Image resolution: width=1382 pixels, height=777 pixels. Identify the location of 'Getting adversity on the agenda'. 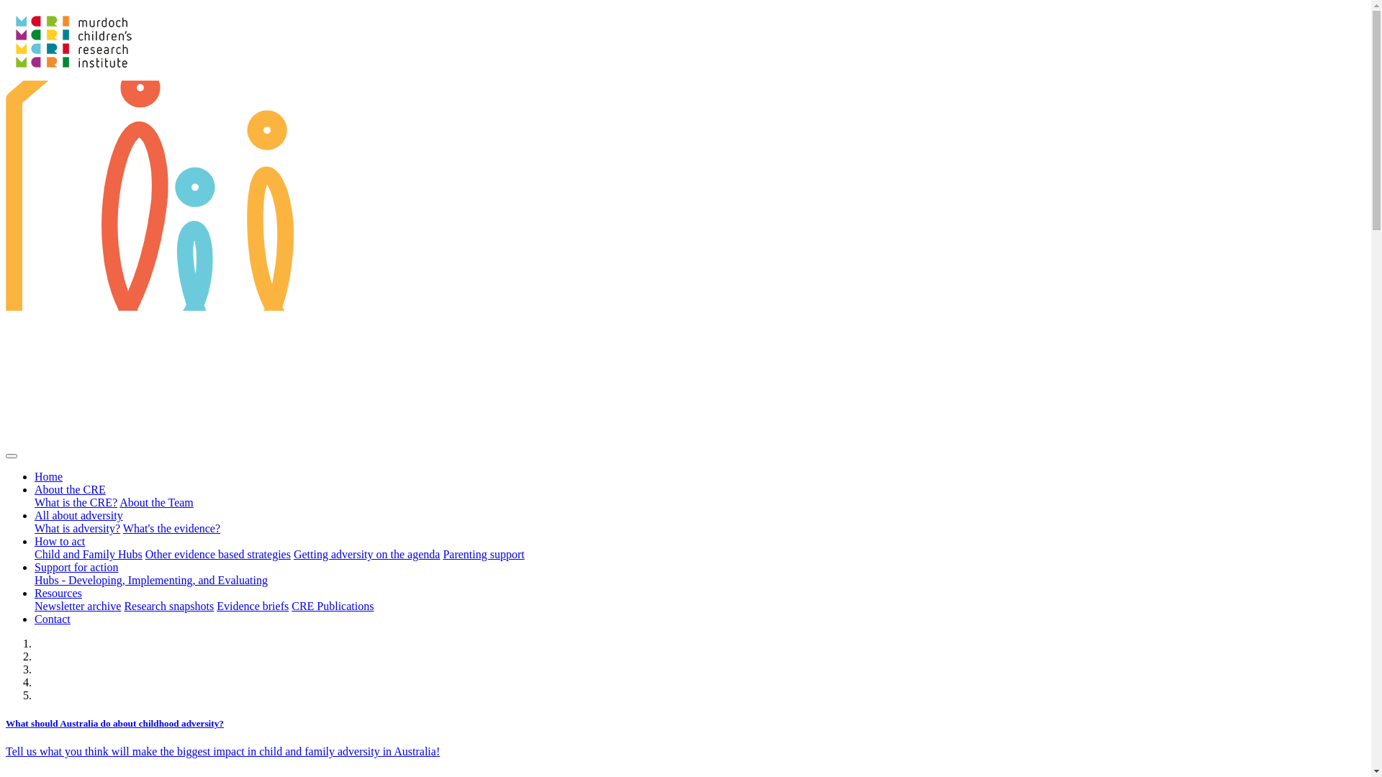
(366, 553).